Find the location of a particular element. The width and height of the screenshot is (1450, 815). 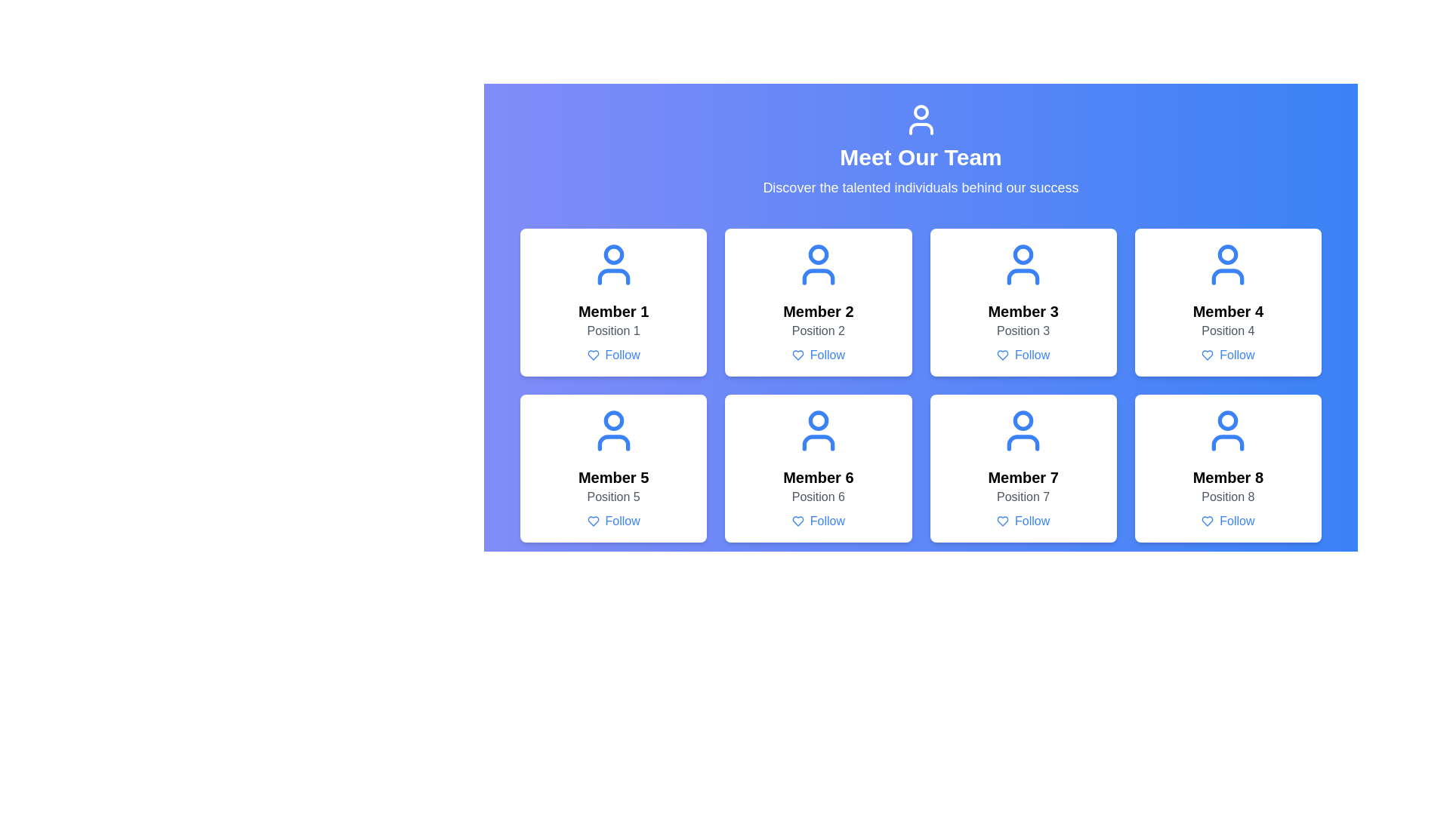

the 'Member 4' text label located in the fourth card of the grid layout, which displays the text in a bold, large font style is located at coordinates (1228, 310).